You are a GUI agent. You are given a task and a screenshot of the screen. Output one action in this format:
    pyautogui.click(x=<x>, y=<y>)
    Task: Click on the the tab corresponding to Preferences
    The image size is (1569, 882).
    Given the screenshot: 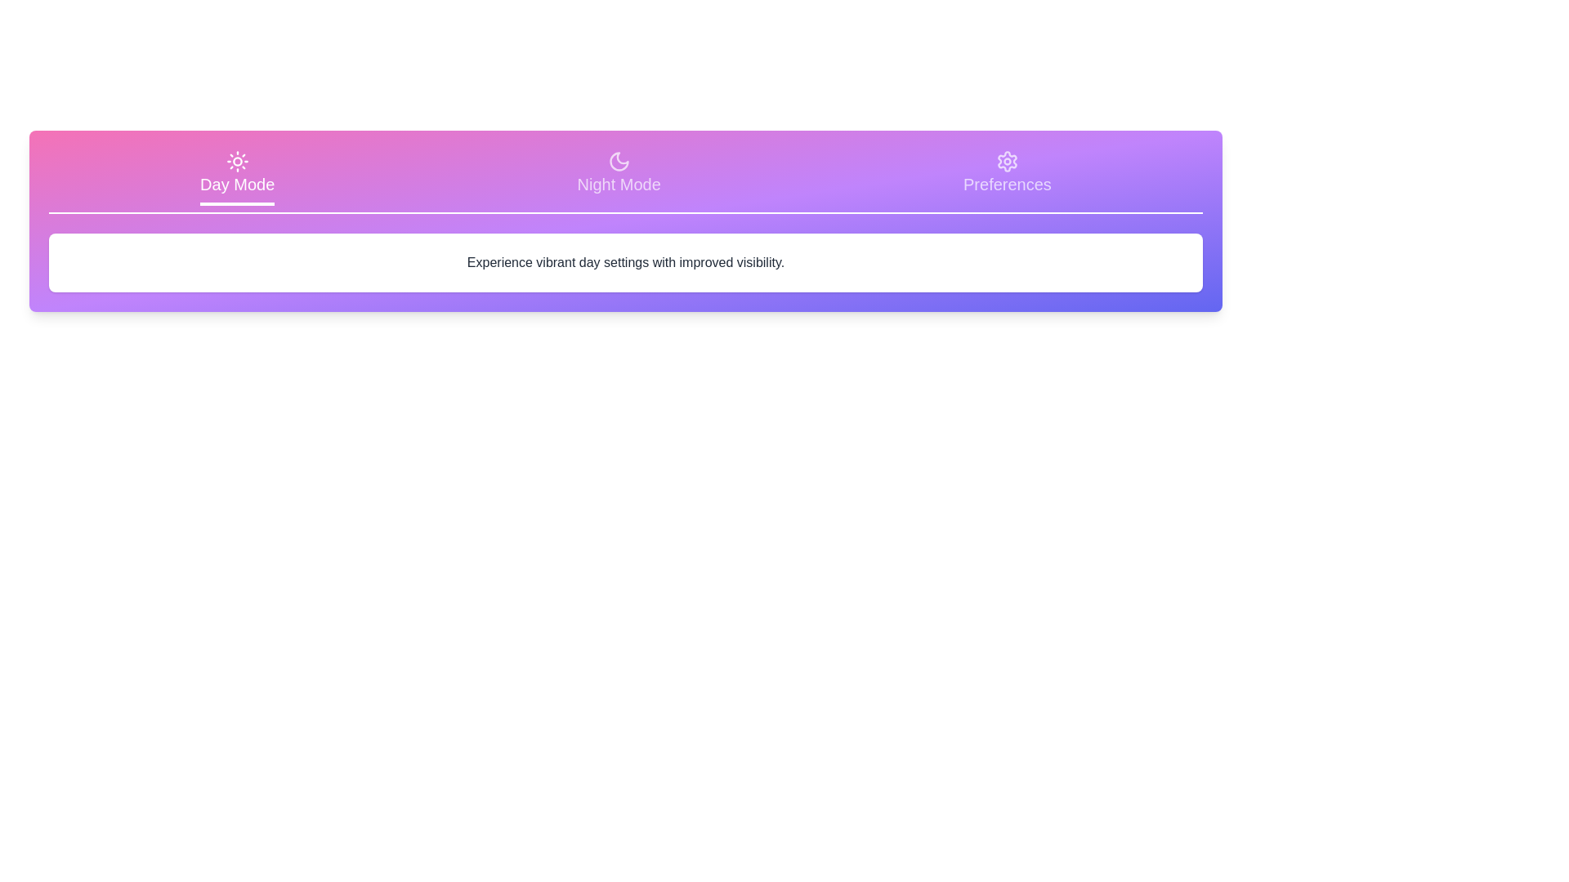 What is the action you would take?
    pyautogui.click(x=1007, y=178)
    